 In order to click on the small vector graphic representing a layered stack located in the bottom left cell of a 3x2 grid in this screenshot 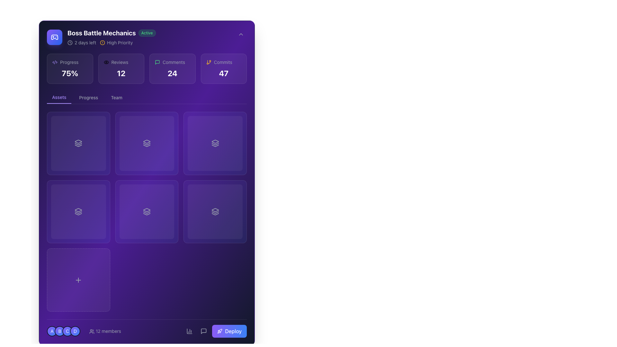, I will do `click(78, 212)`.